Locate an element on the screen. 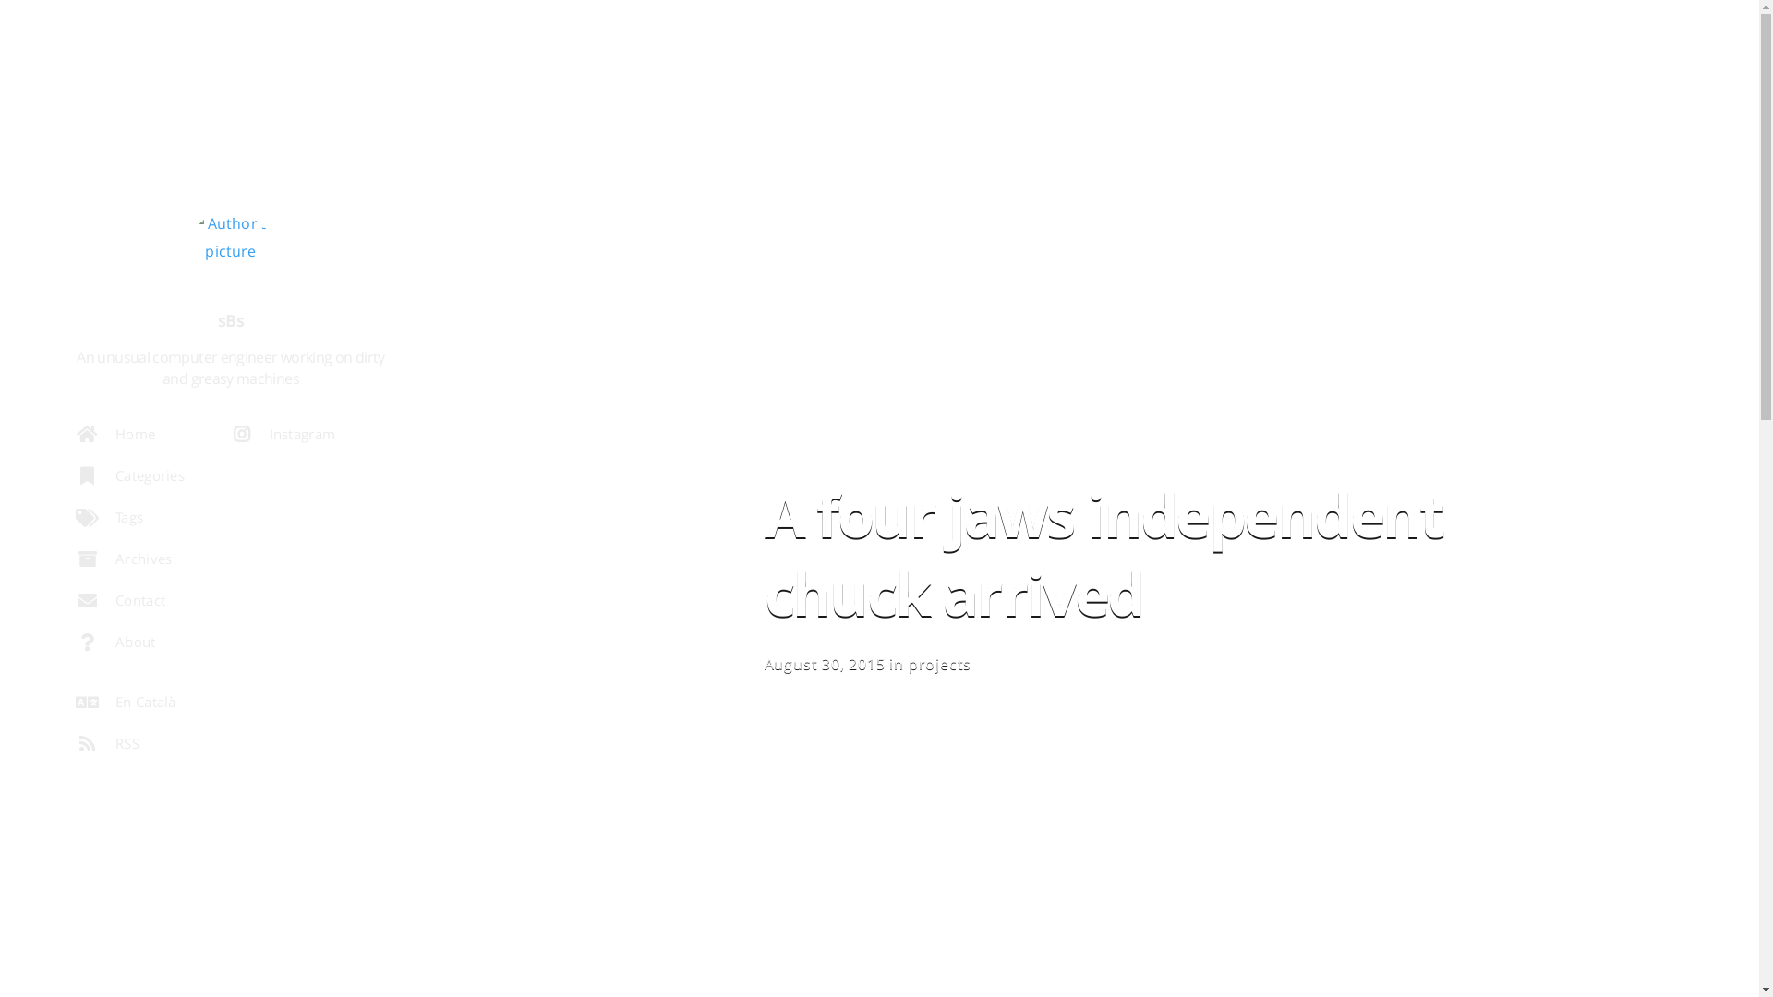 This screenshot has width=1773, height=997. 'Contact' is located at coordinates (140, 605).